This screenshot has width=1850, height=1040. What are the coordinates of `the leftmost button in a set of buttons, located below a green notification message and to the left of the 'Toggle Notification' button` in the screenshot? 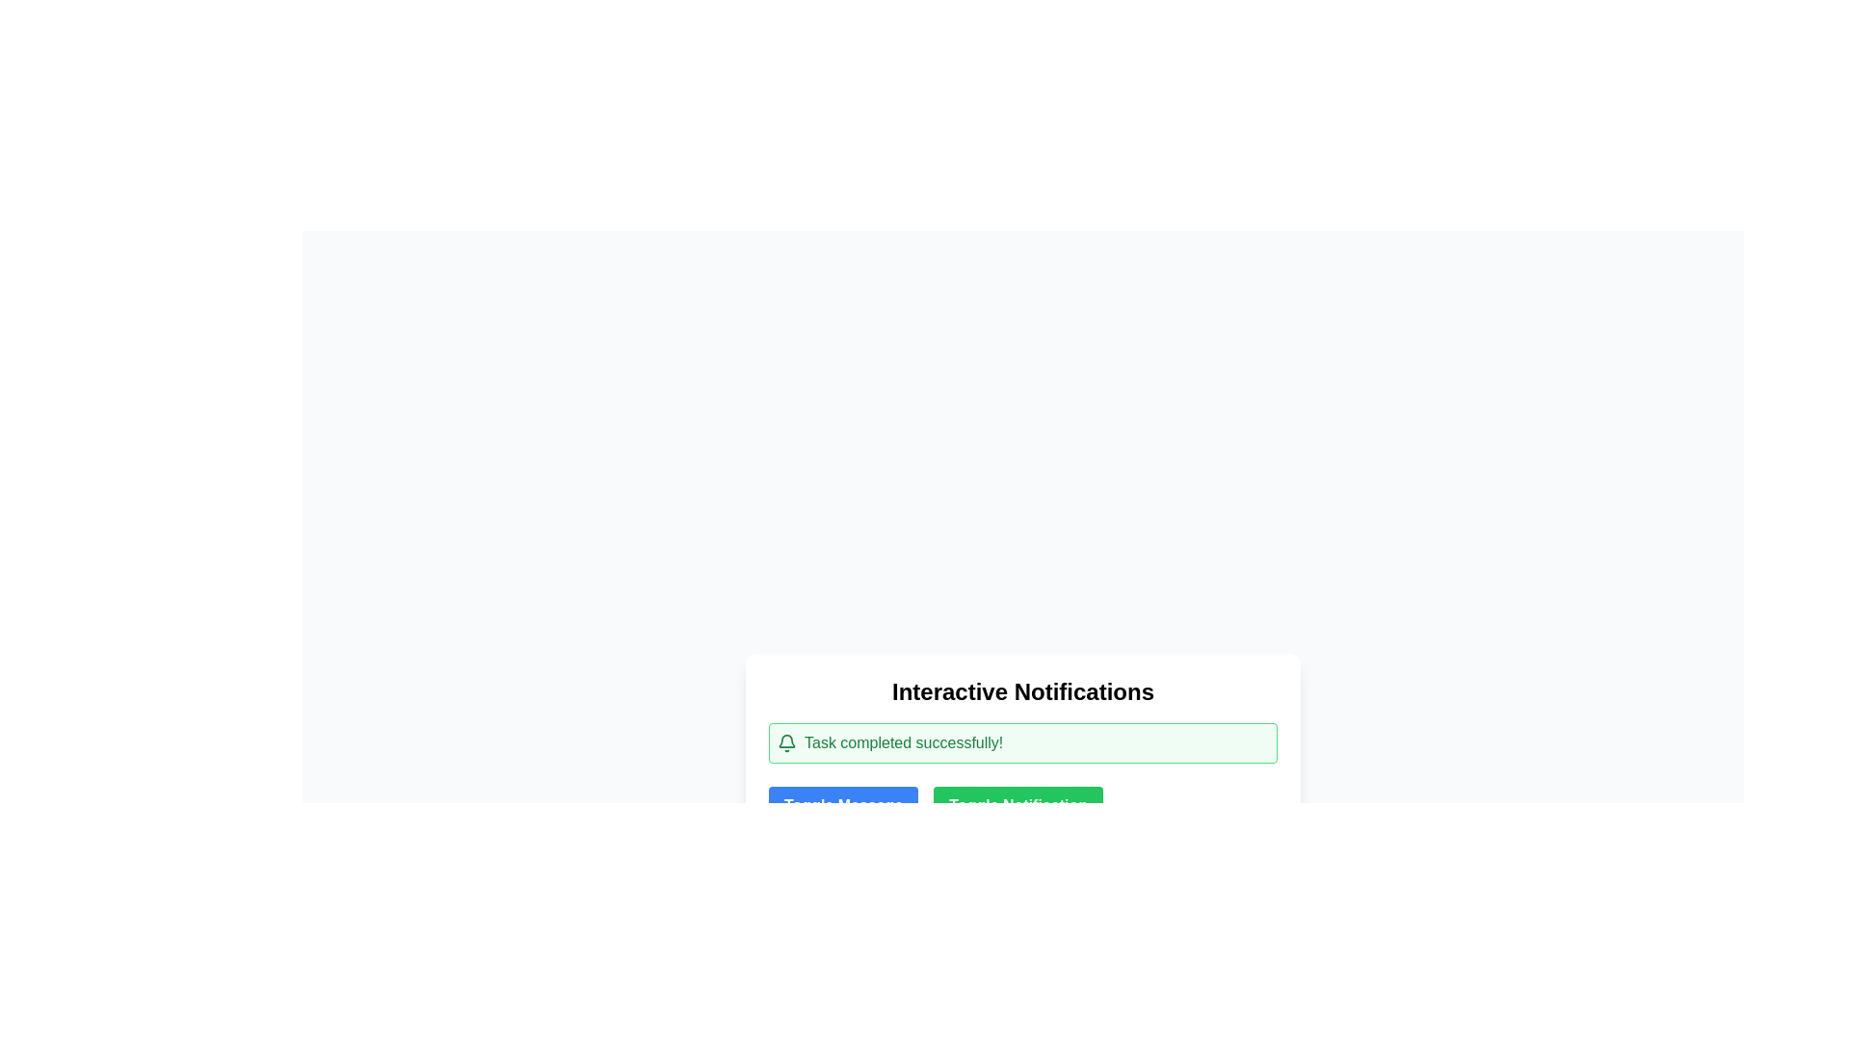 It's located at (843, 806).